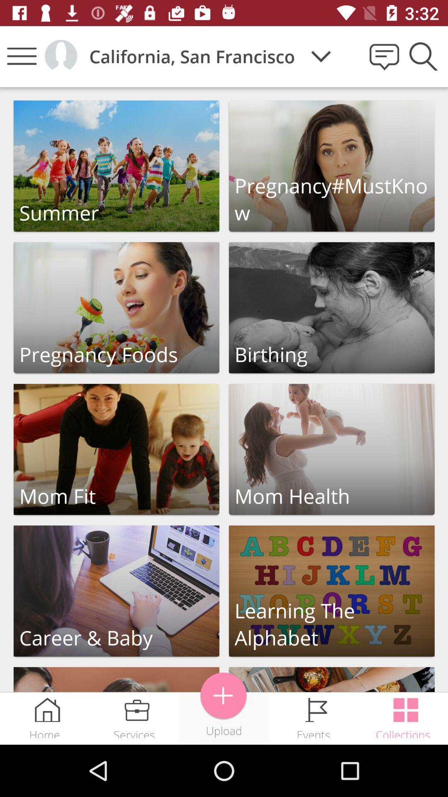 This screenshot has width=448, height=797. I want to click on activate top right thumbnail, so click(331, 166).